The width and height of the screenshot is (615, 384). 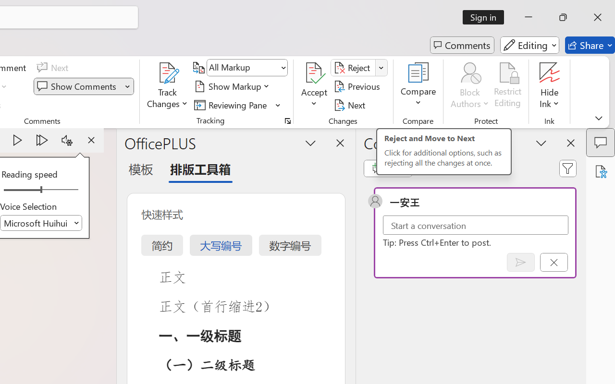 I want to click on 'Show Comments', so click(x=84, y=86).